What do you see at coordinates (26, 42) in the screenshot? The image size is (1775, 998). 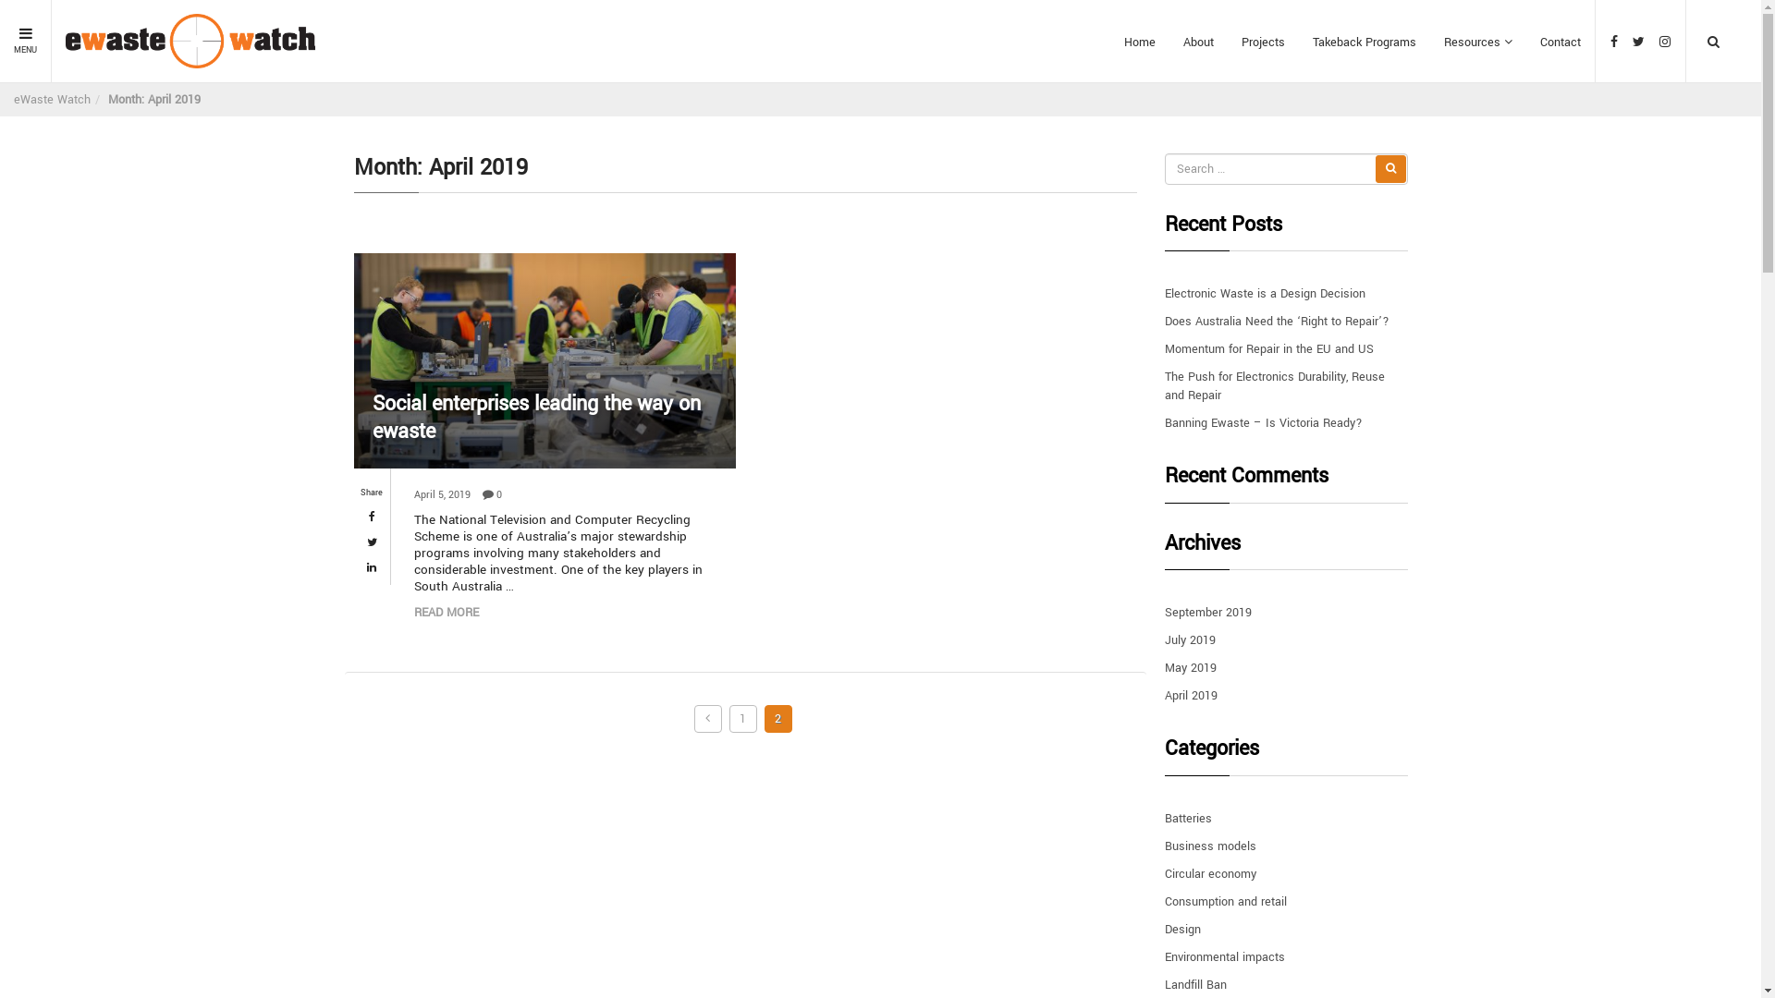 I see `'MENU'` at bounding box center [26, 42].